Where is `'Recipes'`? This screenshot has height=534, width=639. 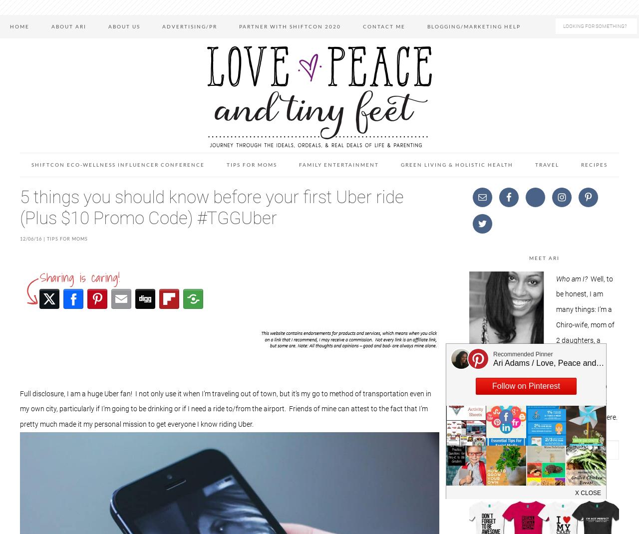 'Recipes' is located at coordinates (581, 164).